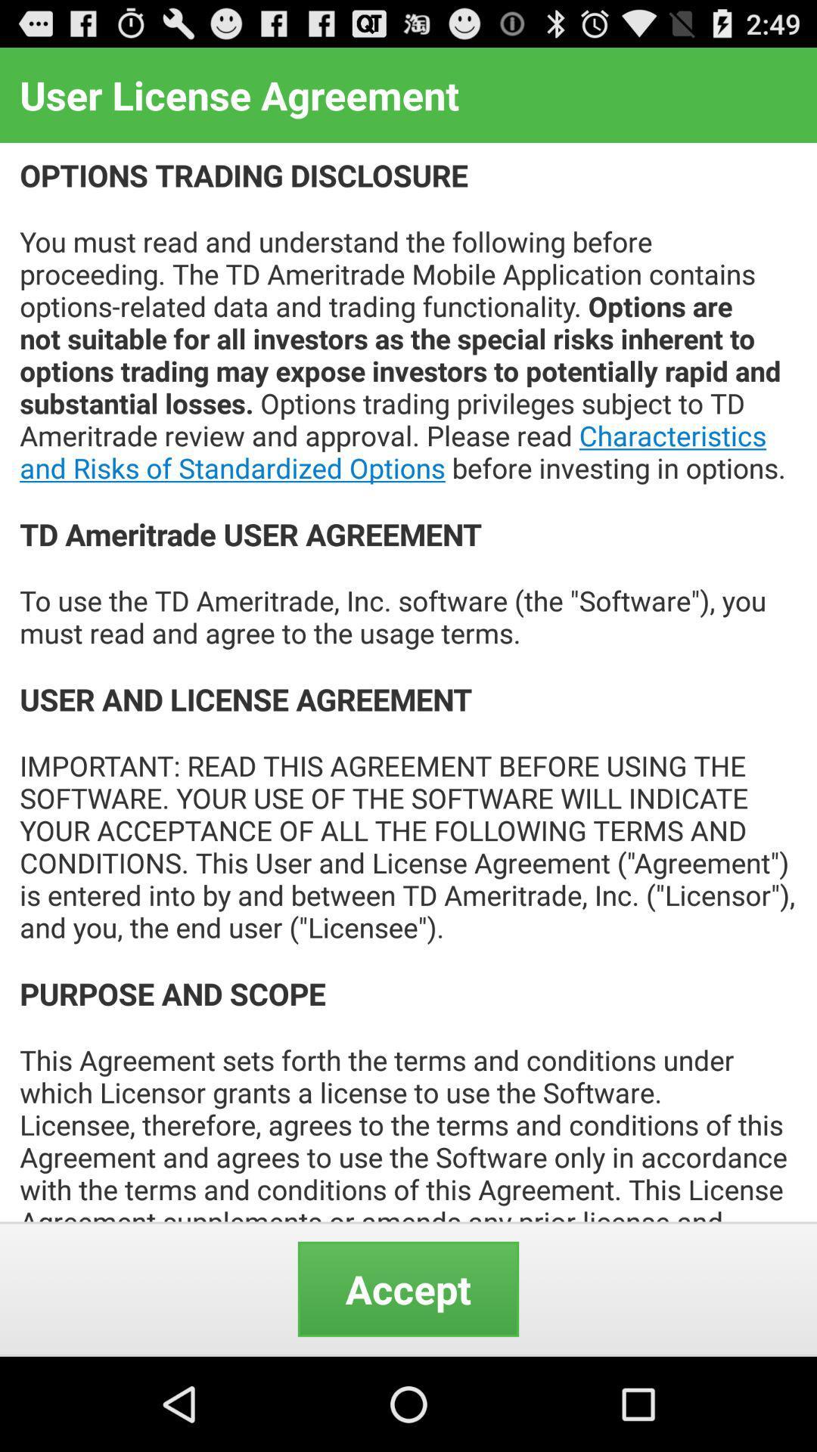 The width and height of the screenshot is (817, 1452). Describe the element at coordinates (408, 681) in the screenshot. I see `button above accept` at that location.